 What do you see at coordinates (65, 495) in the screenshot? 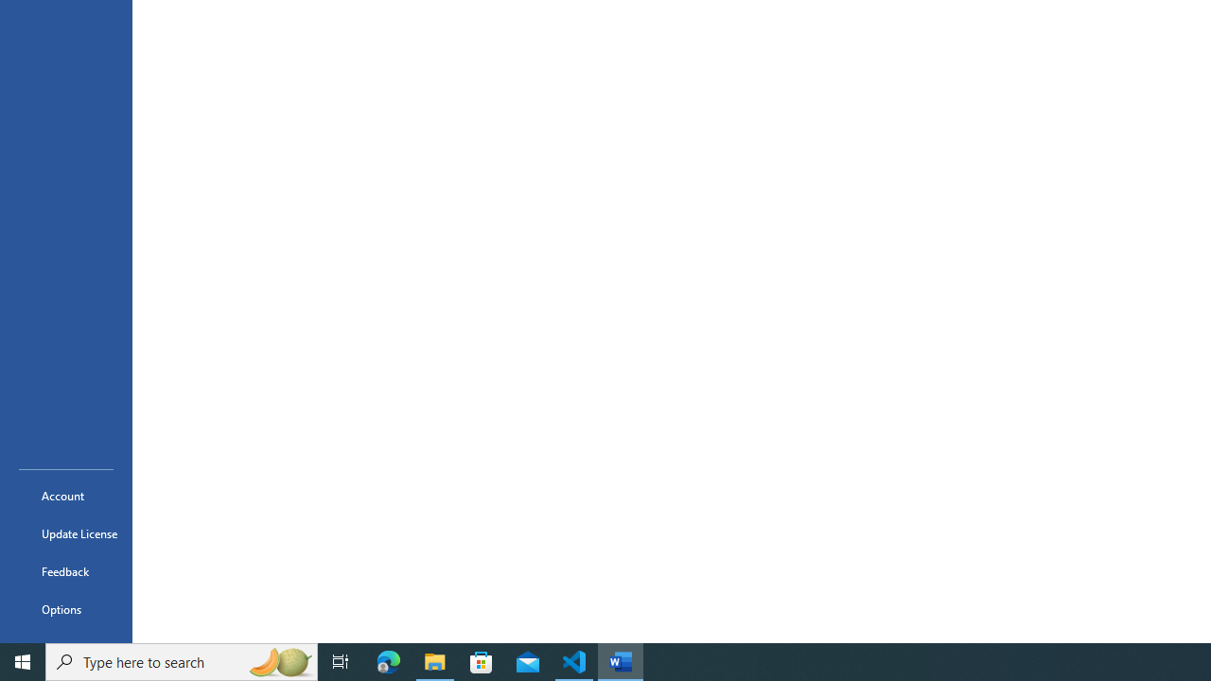
I see `'Account'` at bounding box center [65, 495].